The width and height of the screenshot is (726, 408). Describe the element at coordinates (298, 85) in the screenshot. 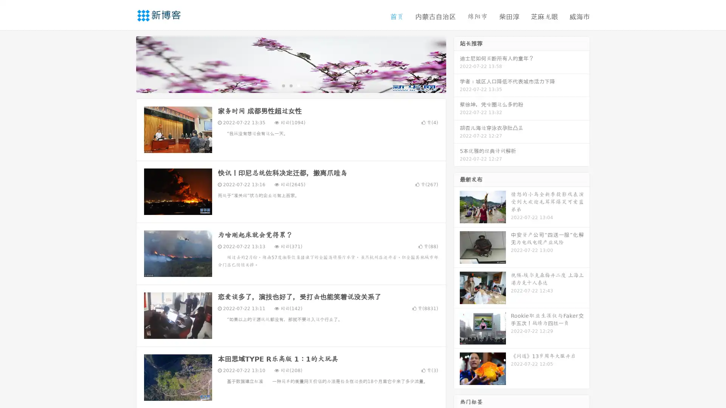

I see `Go to slide 3` at that location.